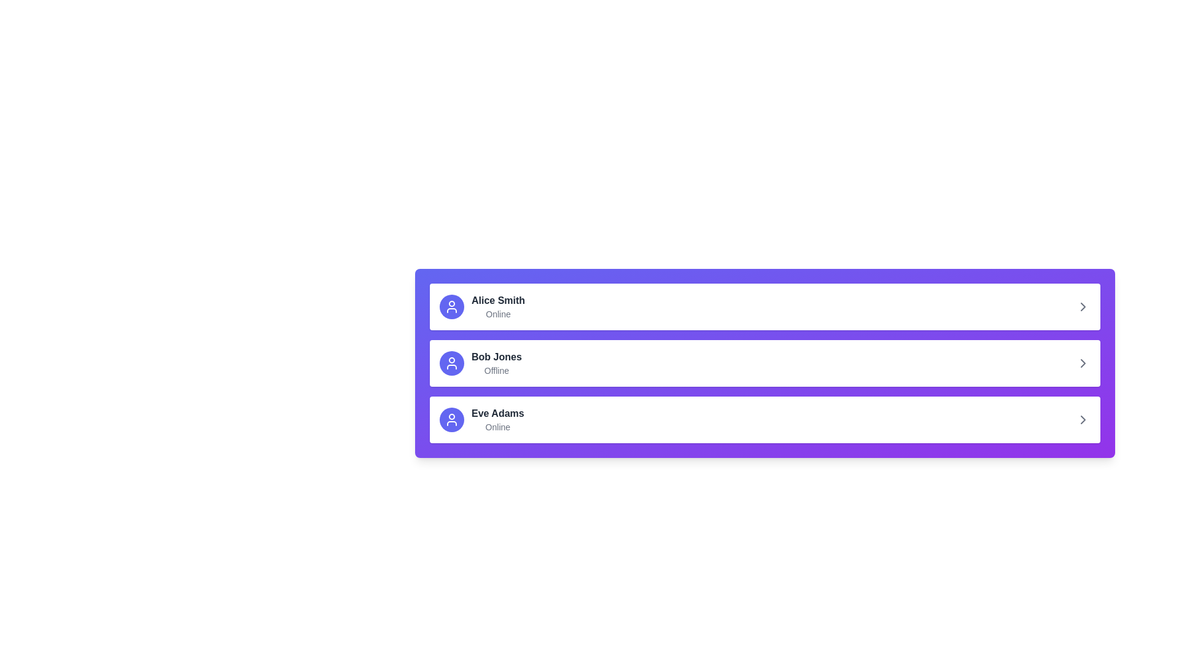 Image resolution: width=1179 pixels, height=663 pixels. I want to click on the list item labeled 'Eve Adams' with an online status, so click(765, 419).